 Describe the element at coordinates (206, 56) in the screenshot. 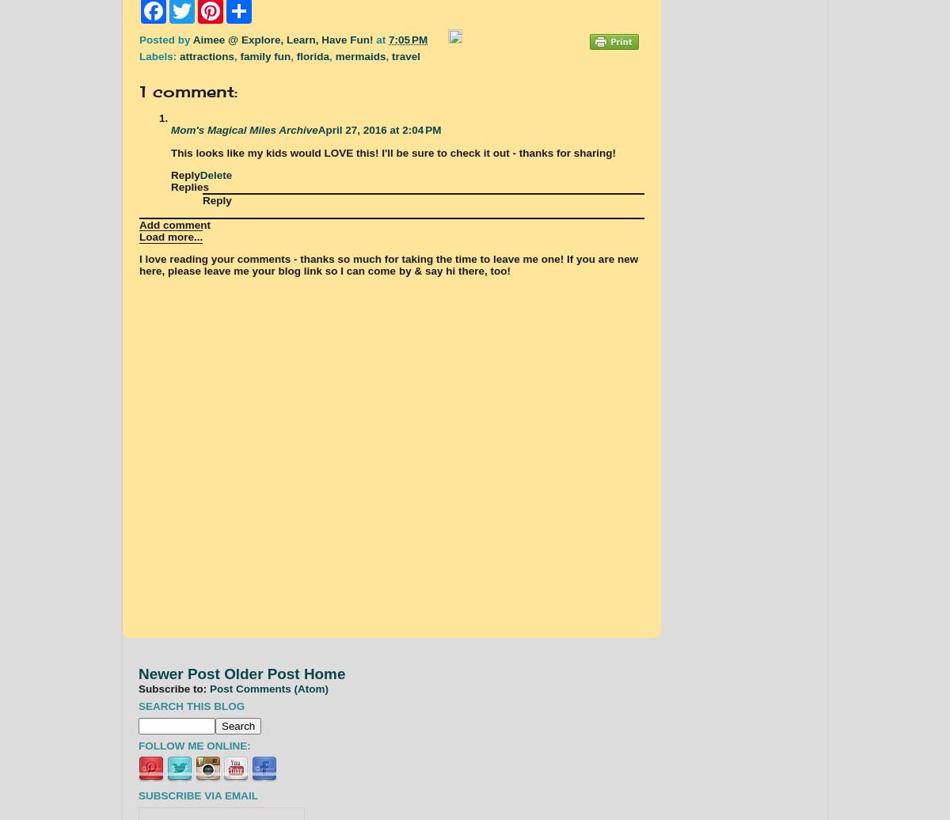

I see `'attractions'` at that location.